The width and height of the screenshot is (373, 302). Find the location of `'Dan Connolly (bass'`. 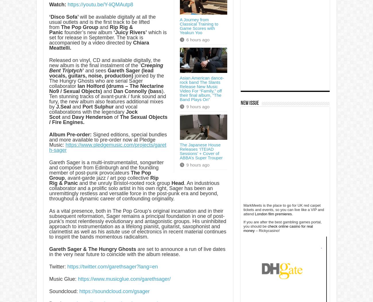

'Dan Connolly (bass' is located at coordinates (137, 91).